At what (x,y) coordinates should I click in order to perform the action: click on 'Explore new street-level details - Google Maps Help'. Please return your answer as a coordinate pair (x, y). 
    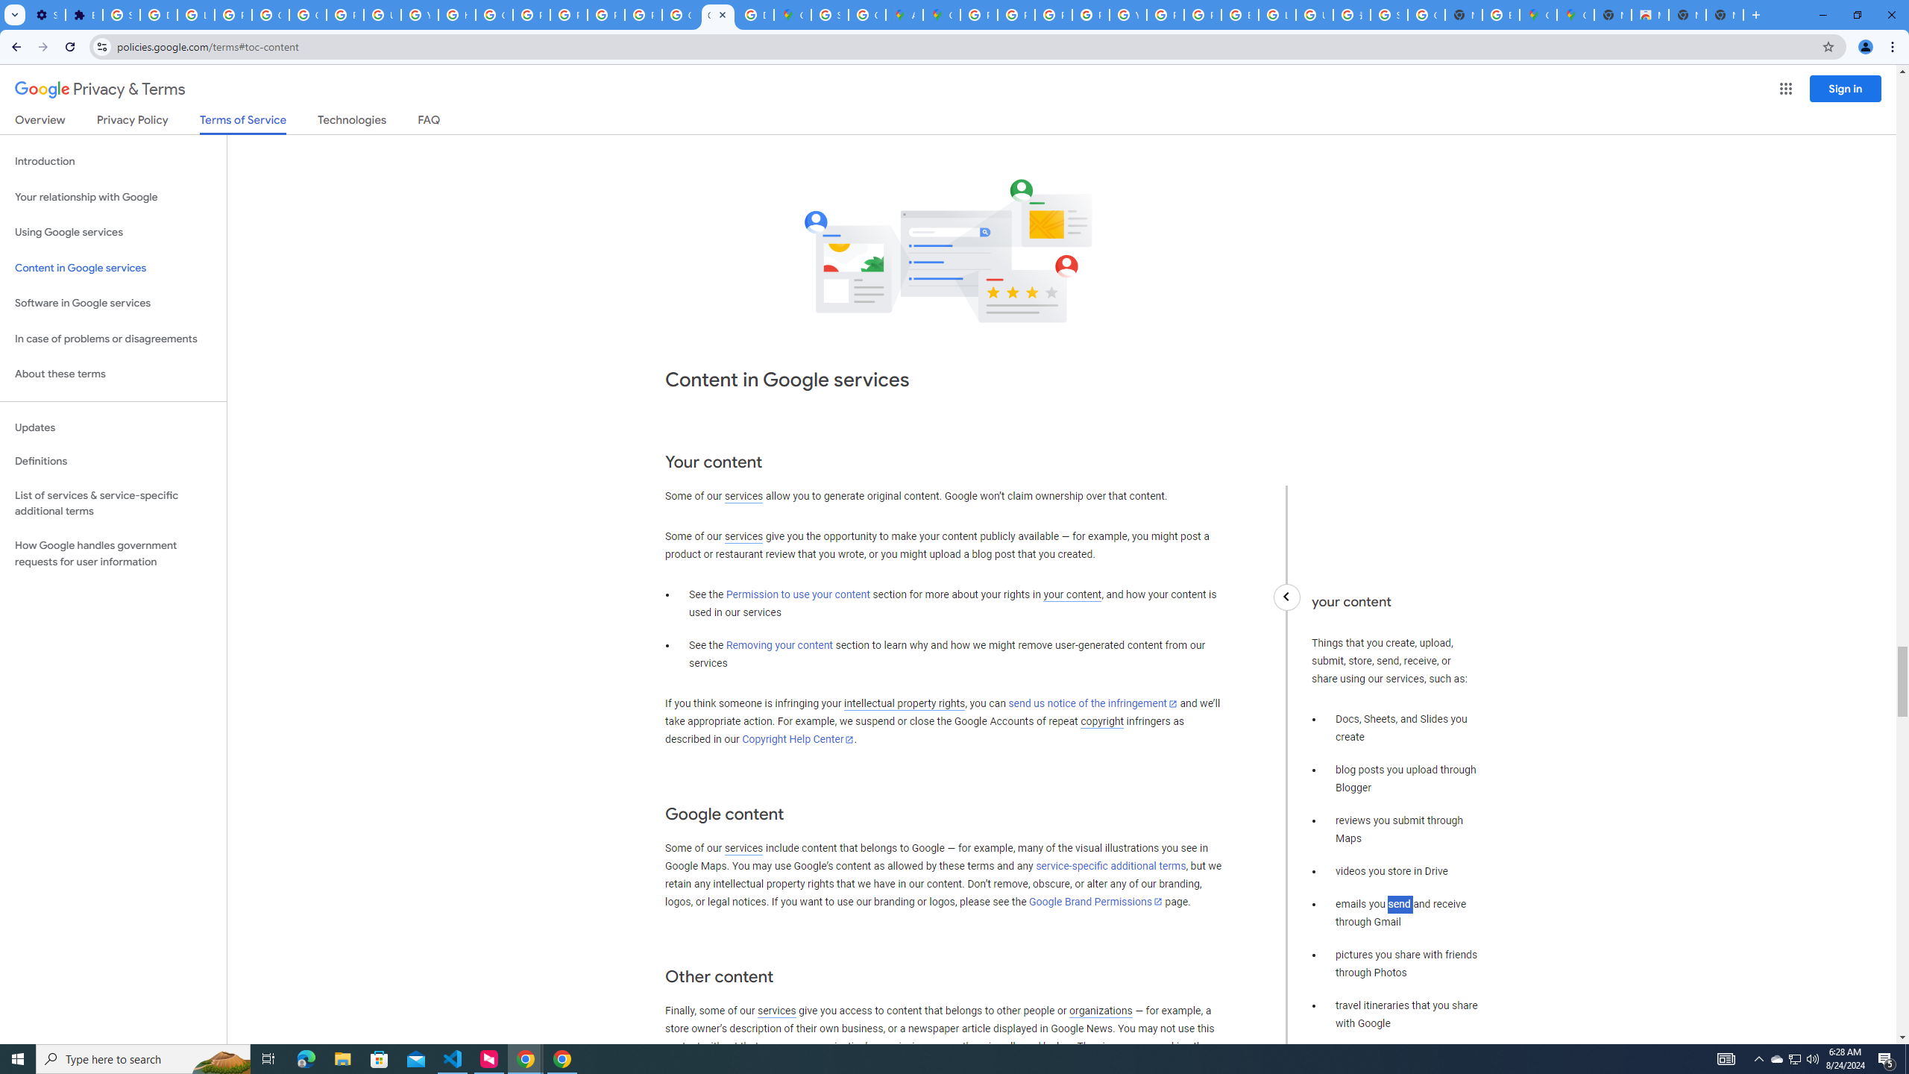
    Looking at the image, I should click on (1501, 14).